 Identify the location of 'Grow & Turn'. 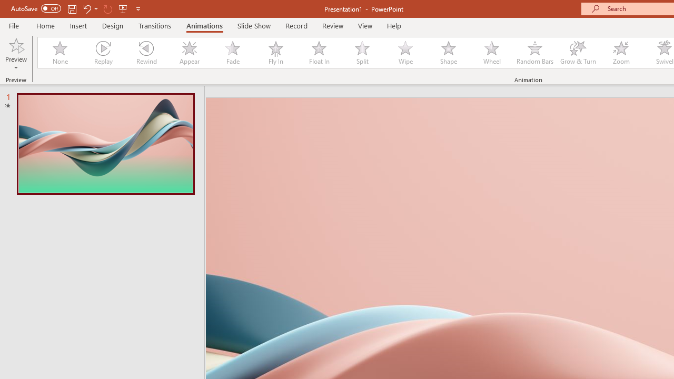
(578, 53).